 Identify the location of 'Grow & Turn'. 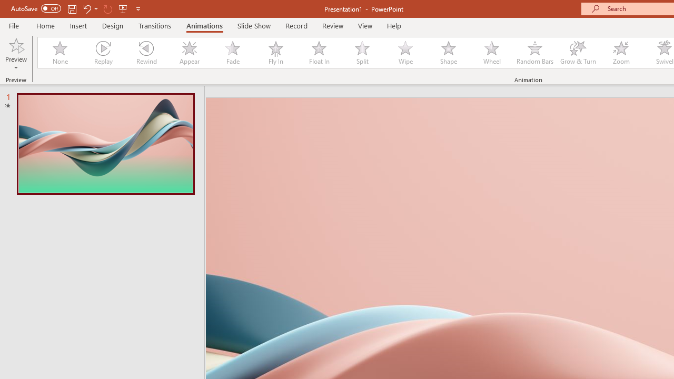
(578, 53).